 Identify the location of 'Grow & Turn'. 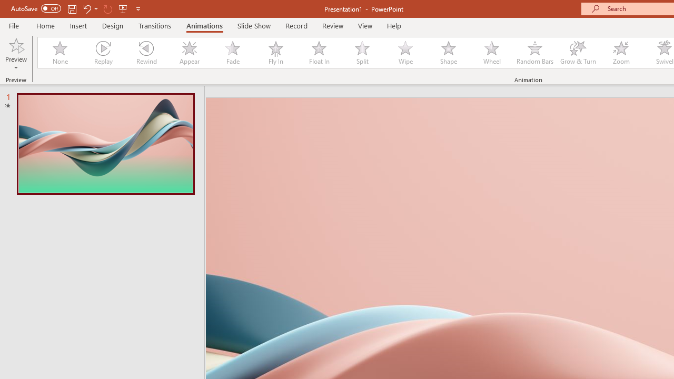
(578, 53).